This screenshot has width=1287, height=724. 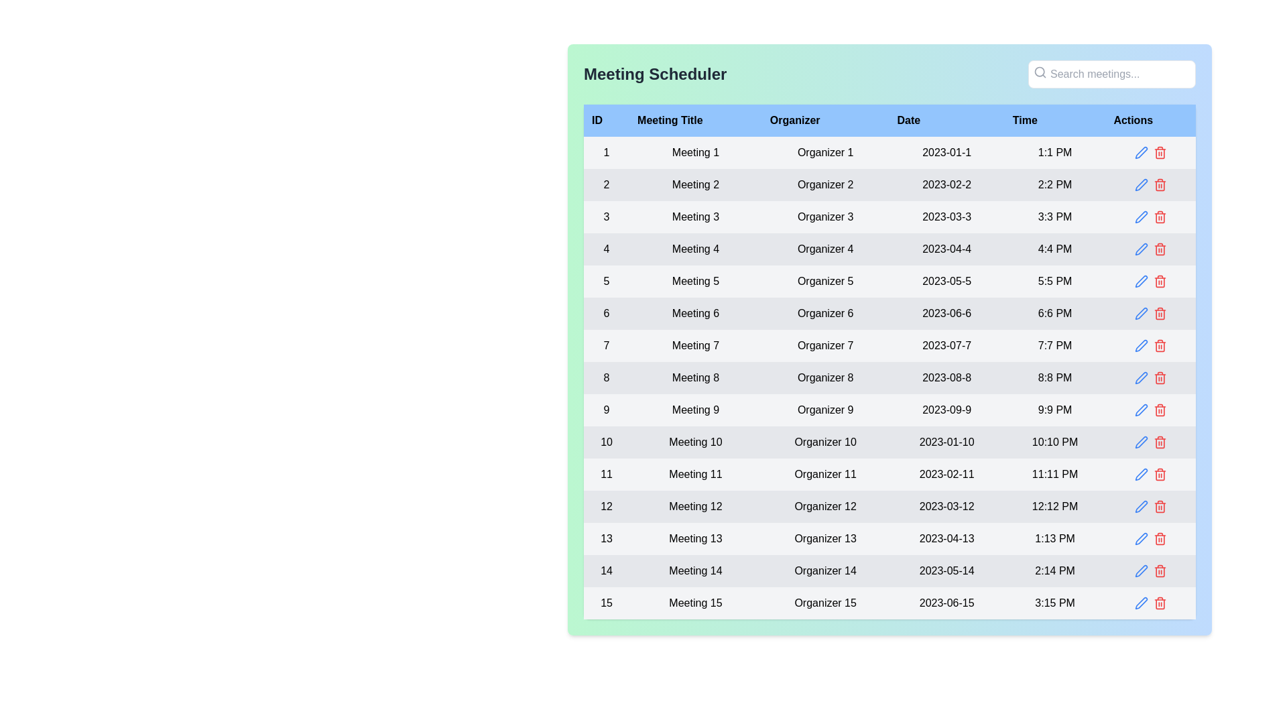 What do you see at coordinates (1159, 185) in the screenshot?
I see `the red trash bin icon button in the 'Actions' column of the second row in the table` at bounding box center [1159, 185].